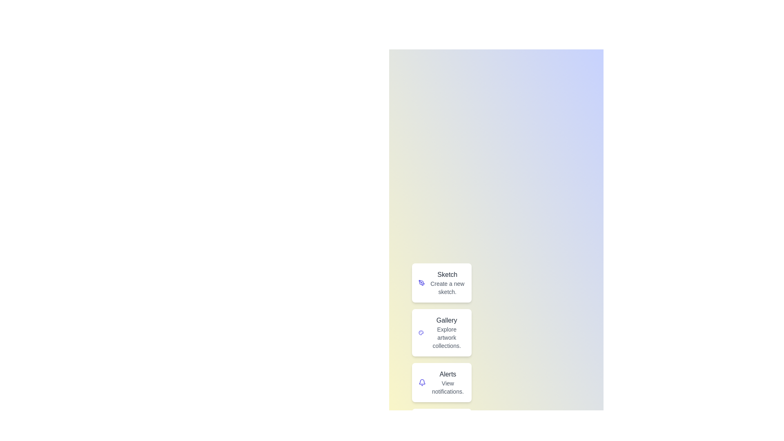 This screenshot has height=441, width=784. I want to click on the Alerts button to perform its action, so click(441, 383).